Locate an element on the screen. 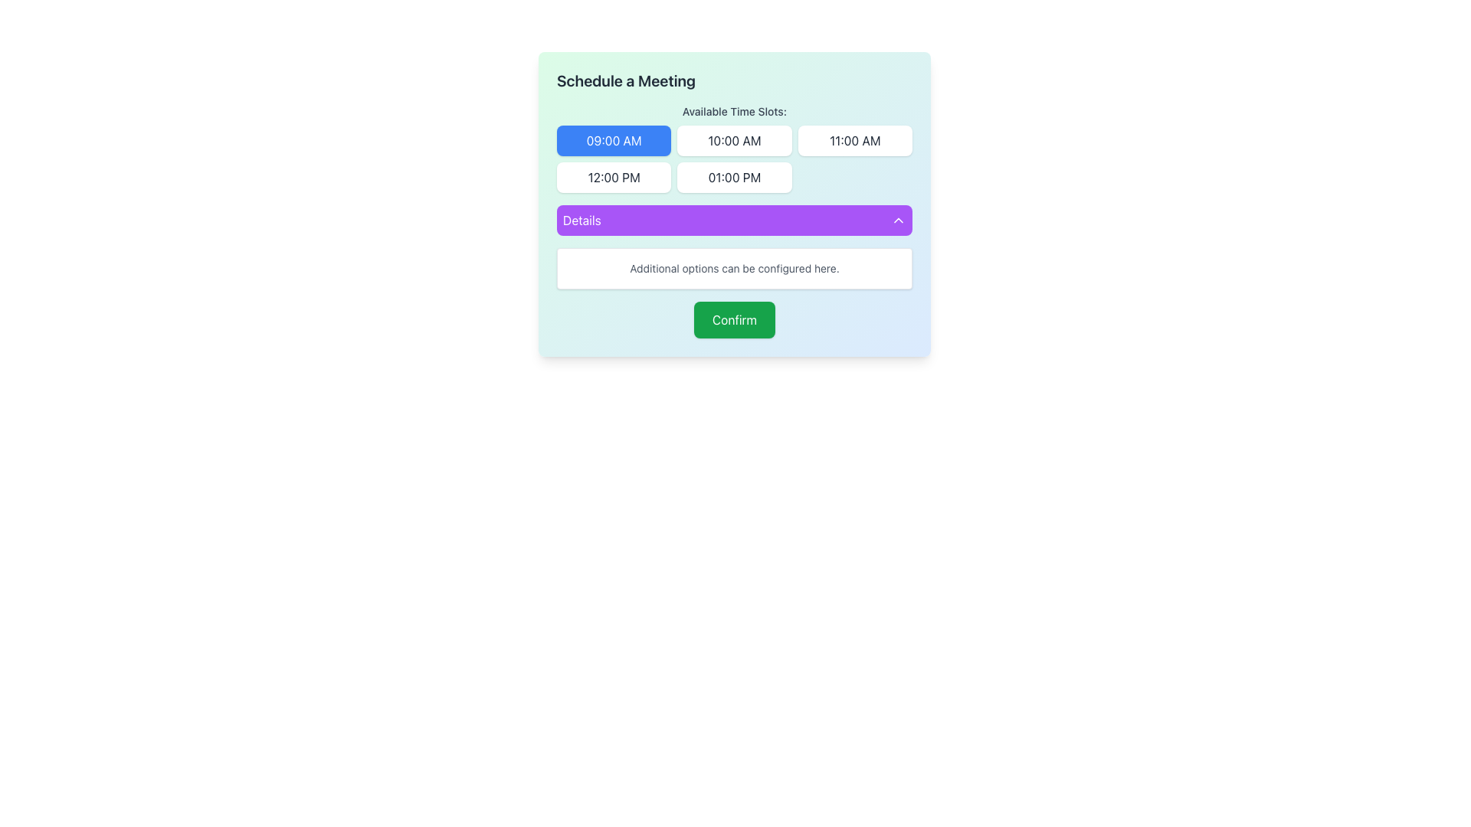  the button for the '11:00 AM' time slot to schedule a meeting is located at coordinates (854, 141).